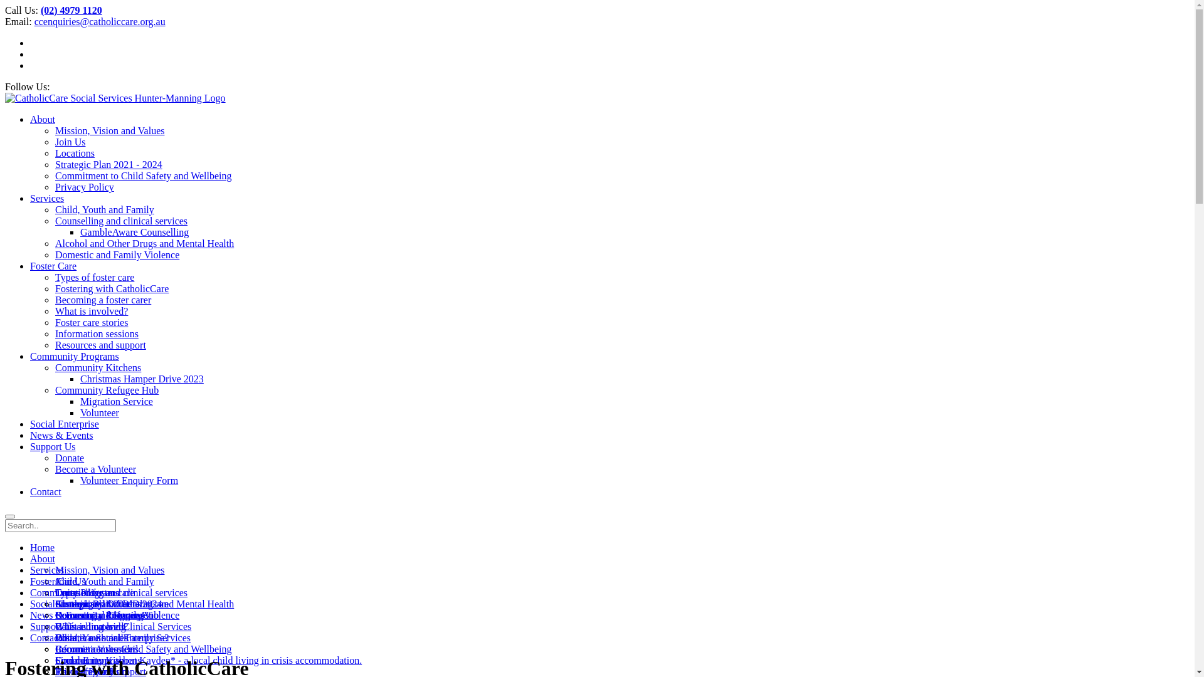  Describe the element at coordinates (90, 322) in the screenshot. I see `'Foster care stories'` at that location.